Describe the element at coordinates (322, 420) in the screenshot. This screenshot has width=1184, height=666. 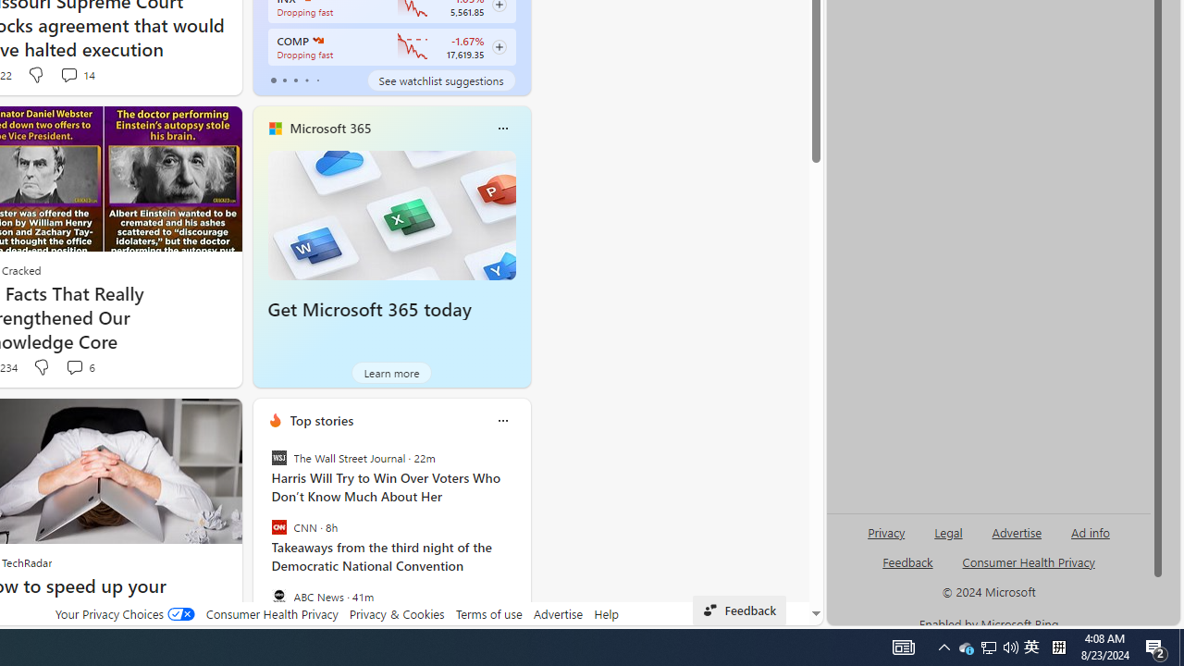
I see `'Top stories'` at that location.